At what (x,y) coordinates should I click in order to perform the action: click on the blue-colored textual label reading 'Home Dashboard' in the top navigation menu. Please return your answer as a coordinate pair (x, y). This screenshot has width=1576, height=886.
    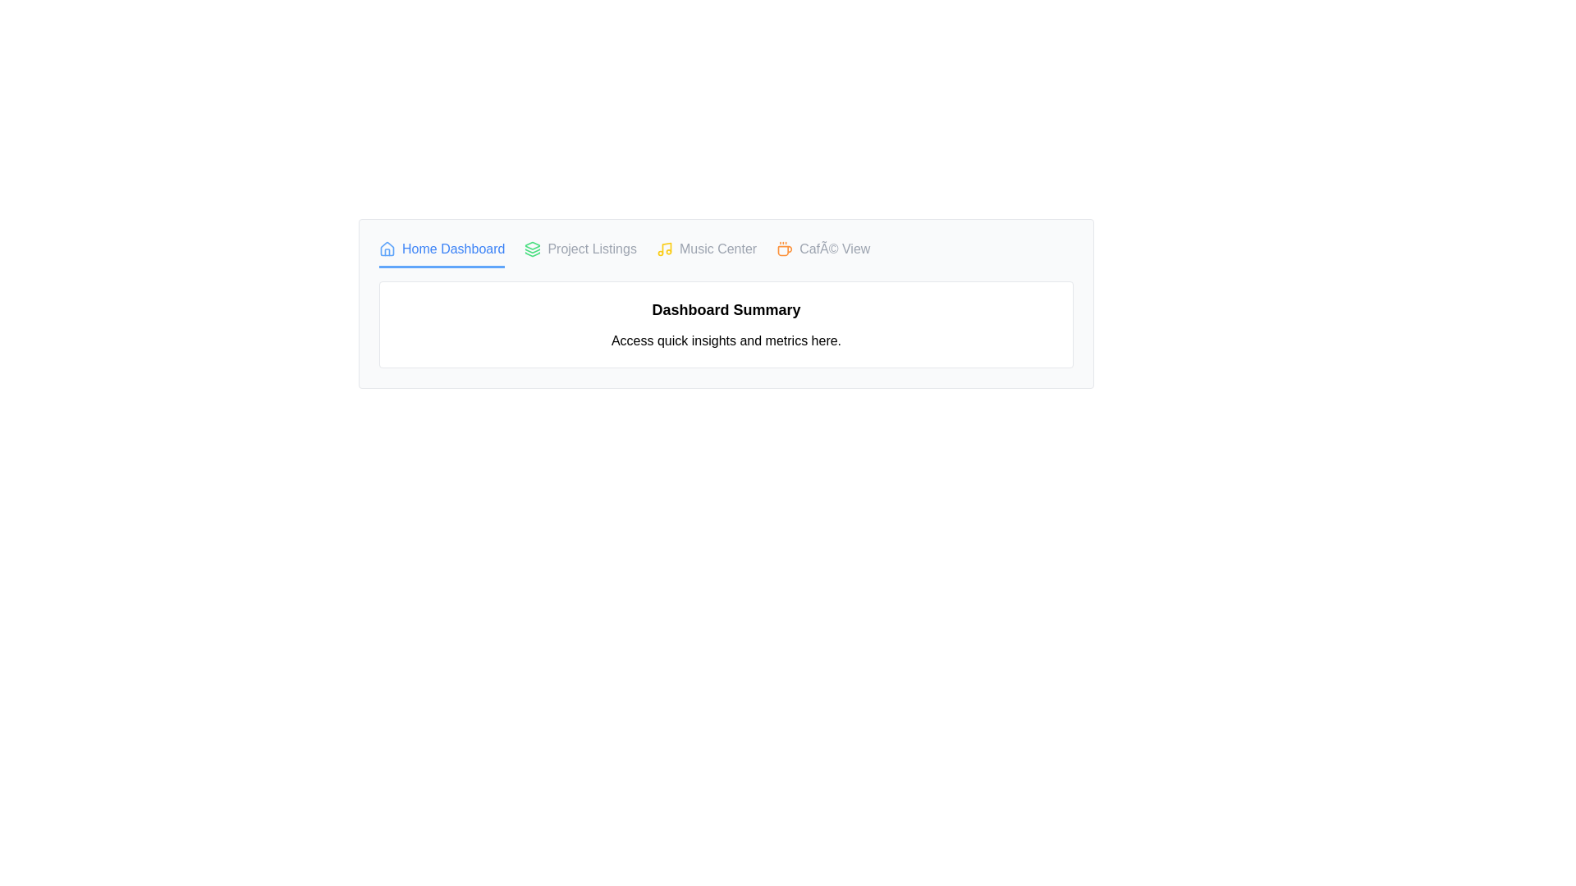
    Looking at the image, I should click on (453, 249).